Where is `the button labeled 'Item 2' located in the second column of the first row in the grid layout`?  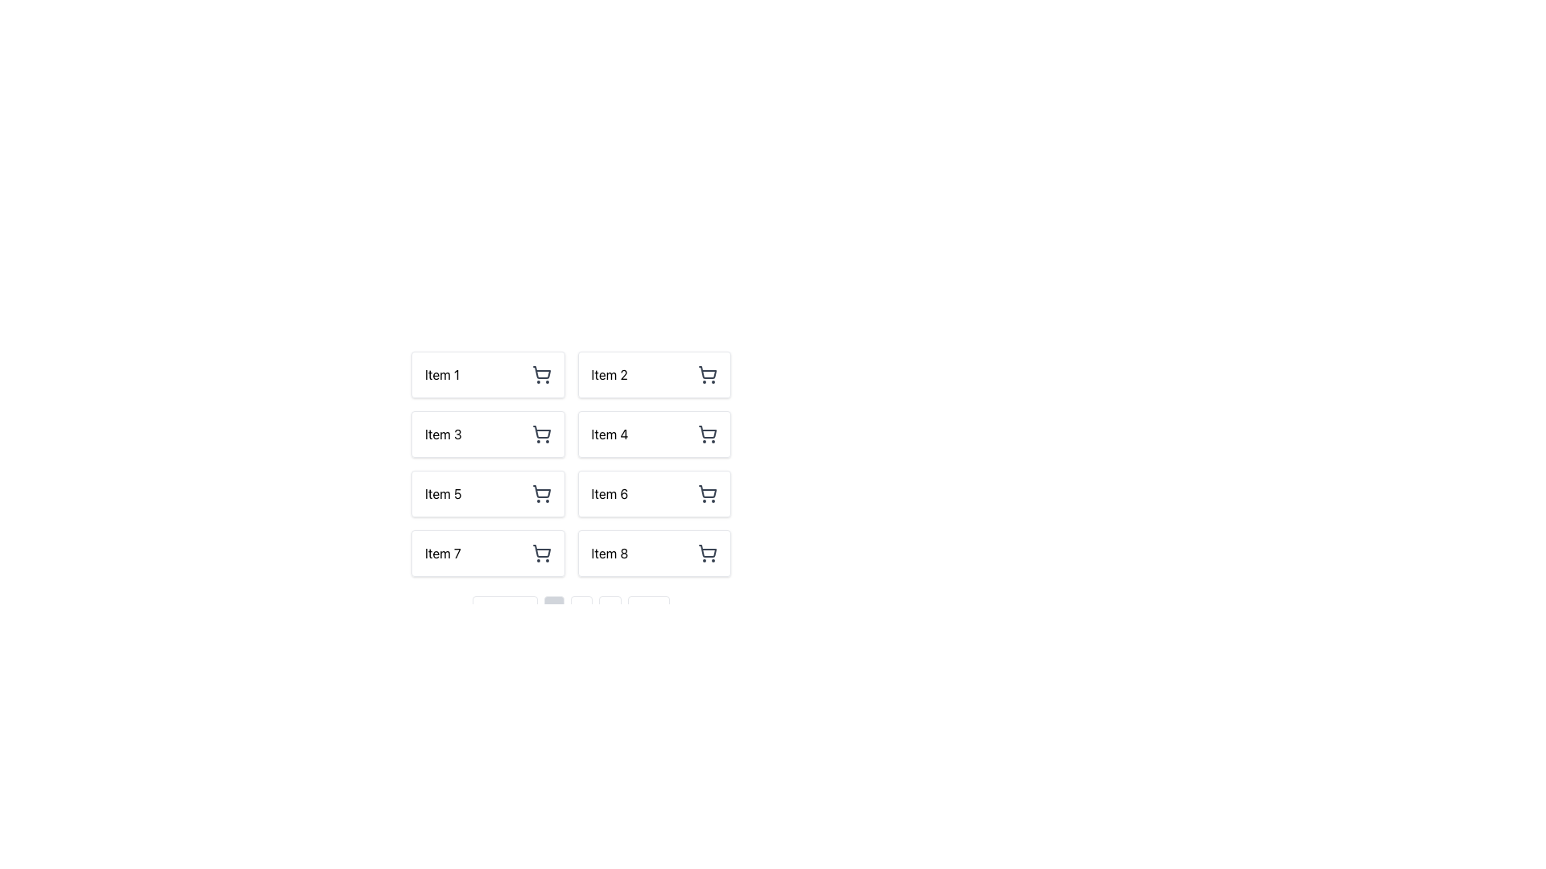
the button labeled 'Item 2' located in the second column of the first row in the grid layout is located at coordinates (654, 375).